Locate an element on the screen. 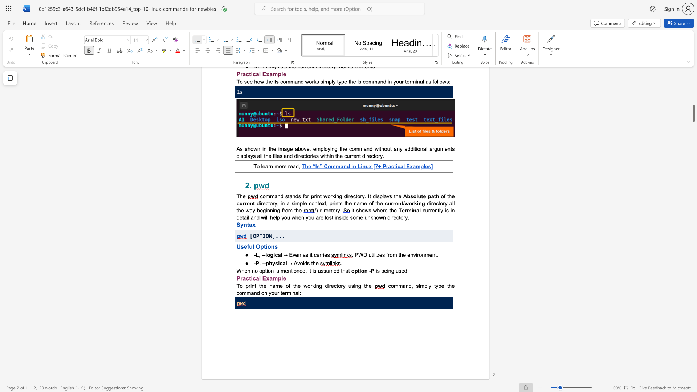  the 2th character "t" in the text is located at coordinates (310, 271).